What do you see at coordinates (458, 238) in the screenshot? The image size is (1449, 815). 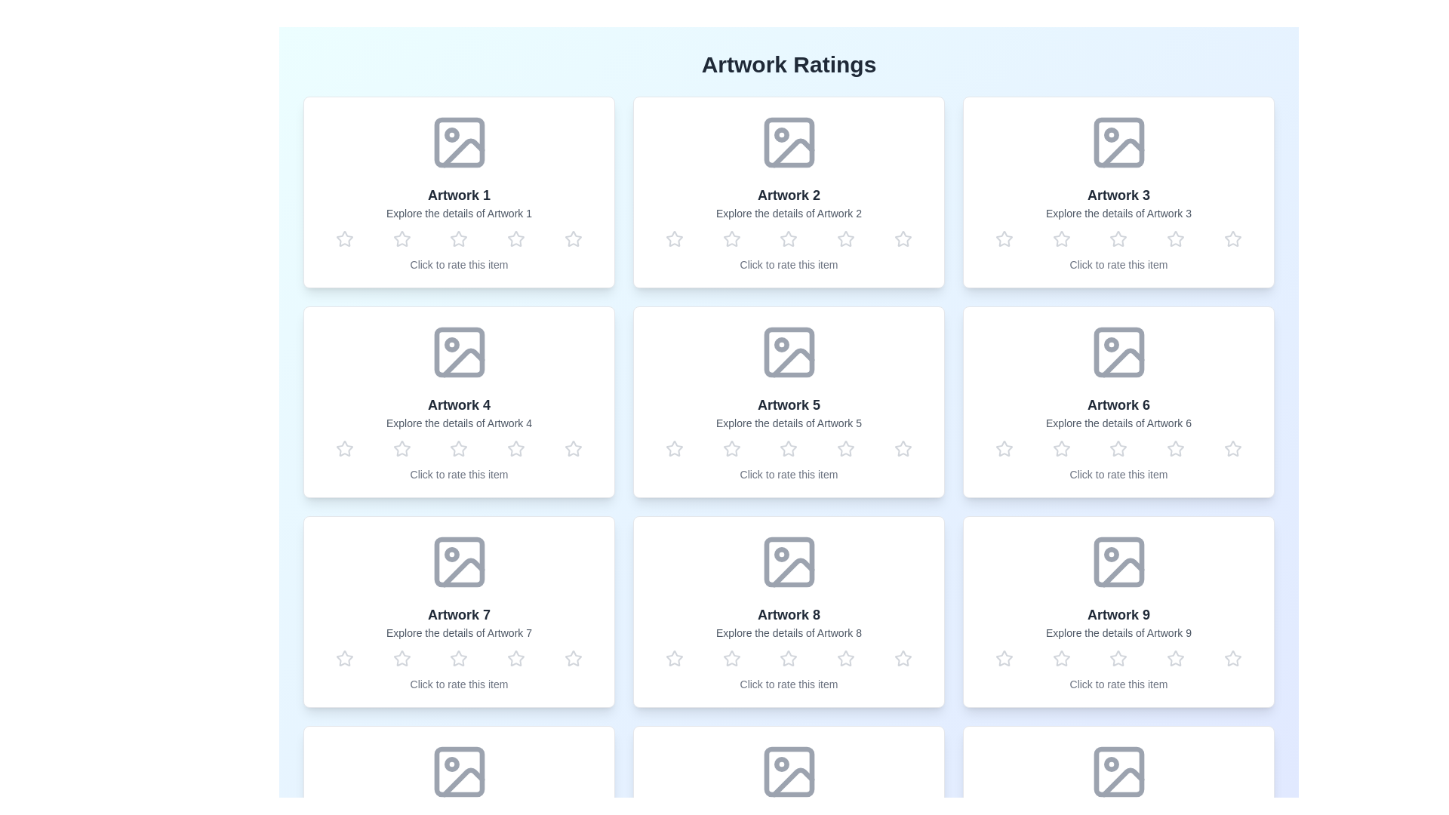 I see `the star corresponding to 3 to observe interaction feedback` at bounding box center [458, 238].